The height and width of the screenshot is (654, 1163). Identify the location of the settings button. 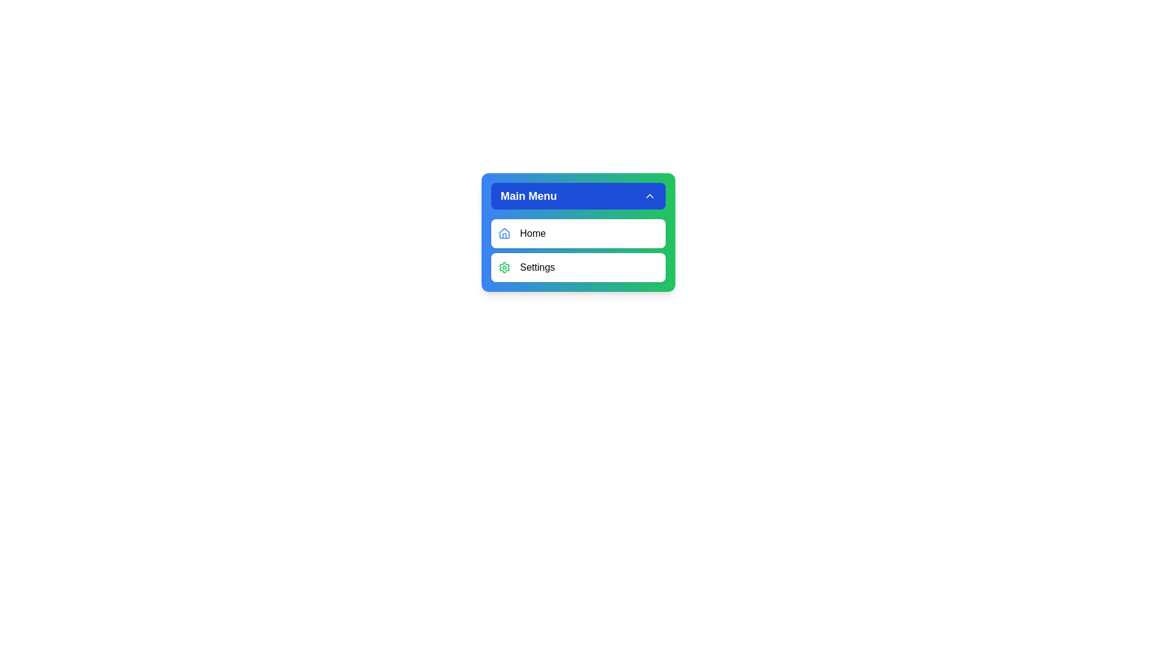
(577, 267).